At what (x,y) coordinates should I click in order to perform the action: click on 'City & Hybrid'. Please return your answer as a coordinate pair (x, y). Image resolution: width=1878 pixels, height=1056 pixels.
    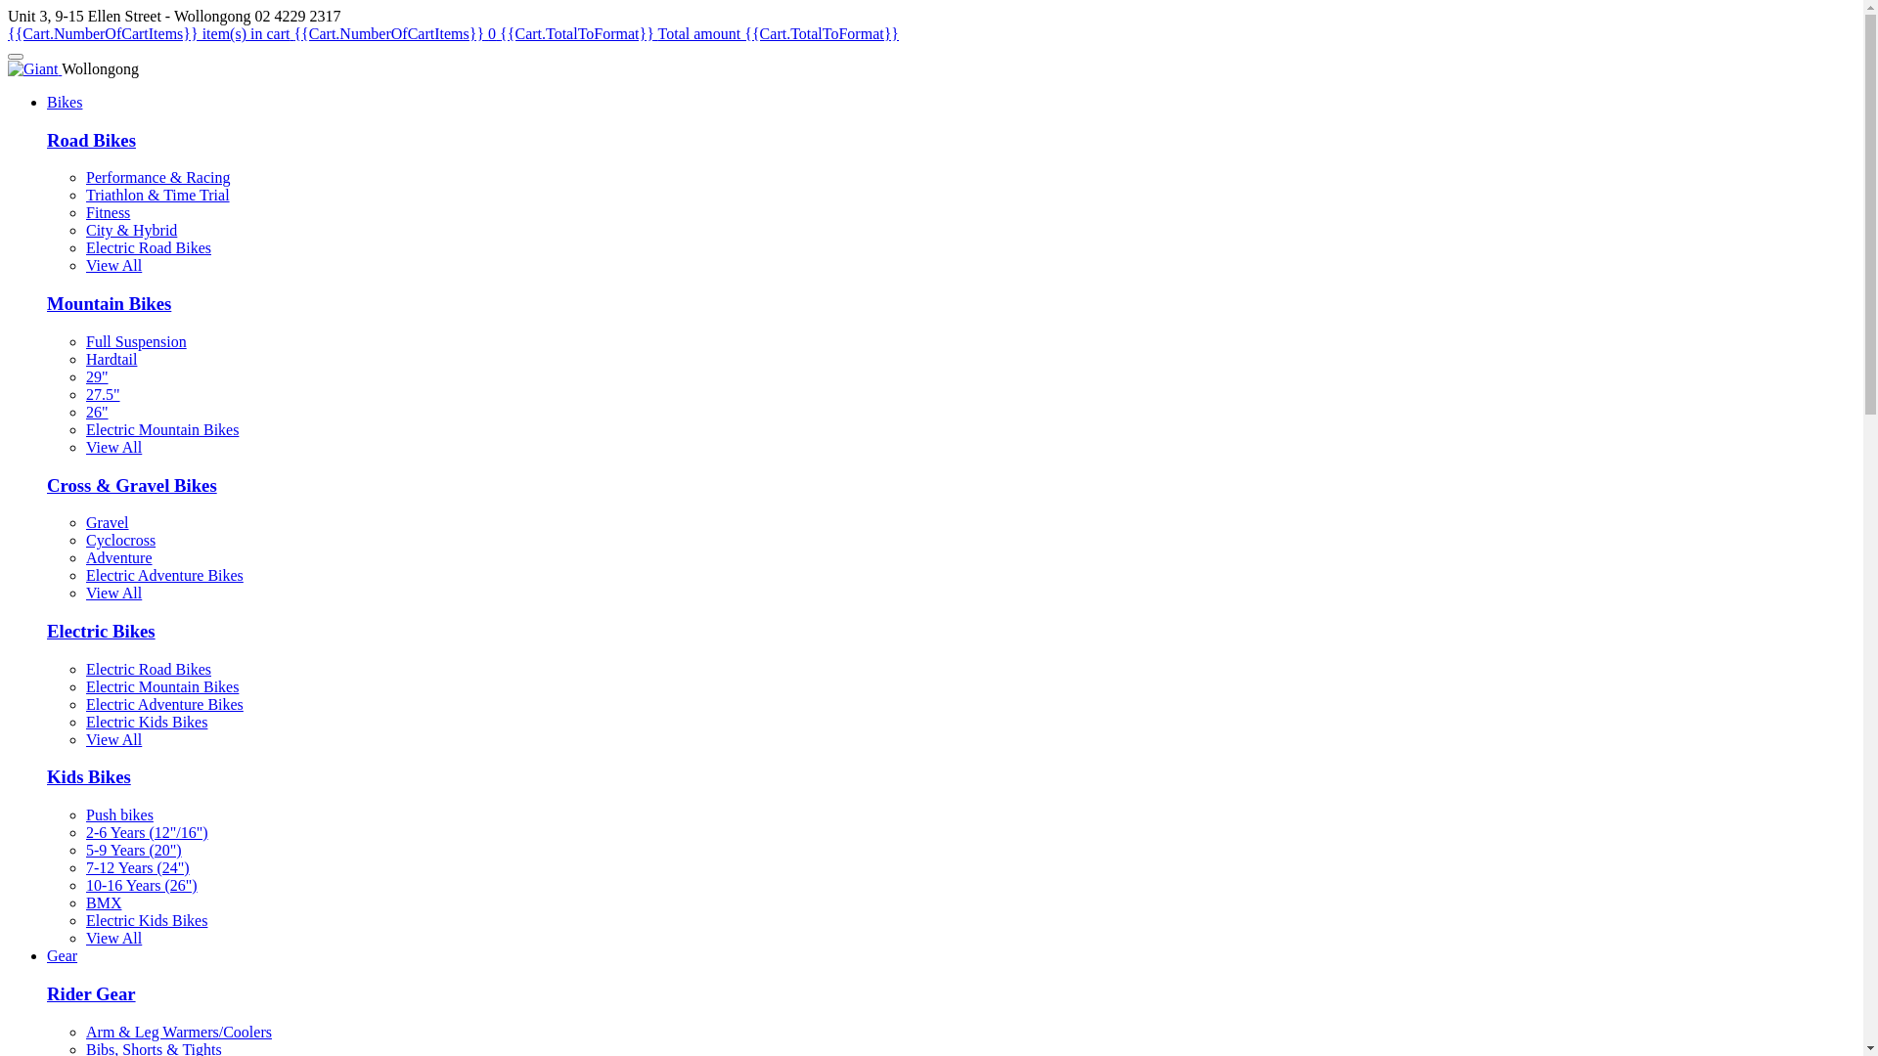
    Looking at the image, I should click on (84, 229).